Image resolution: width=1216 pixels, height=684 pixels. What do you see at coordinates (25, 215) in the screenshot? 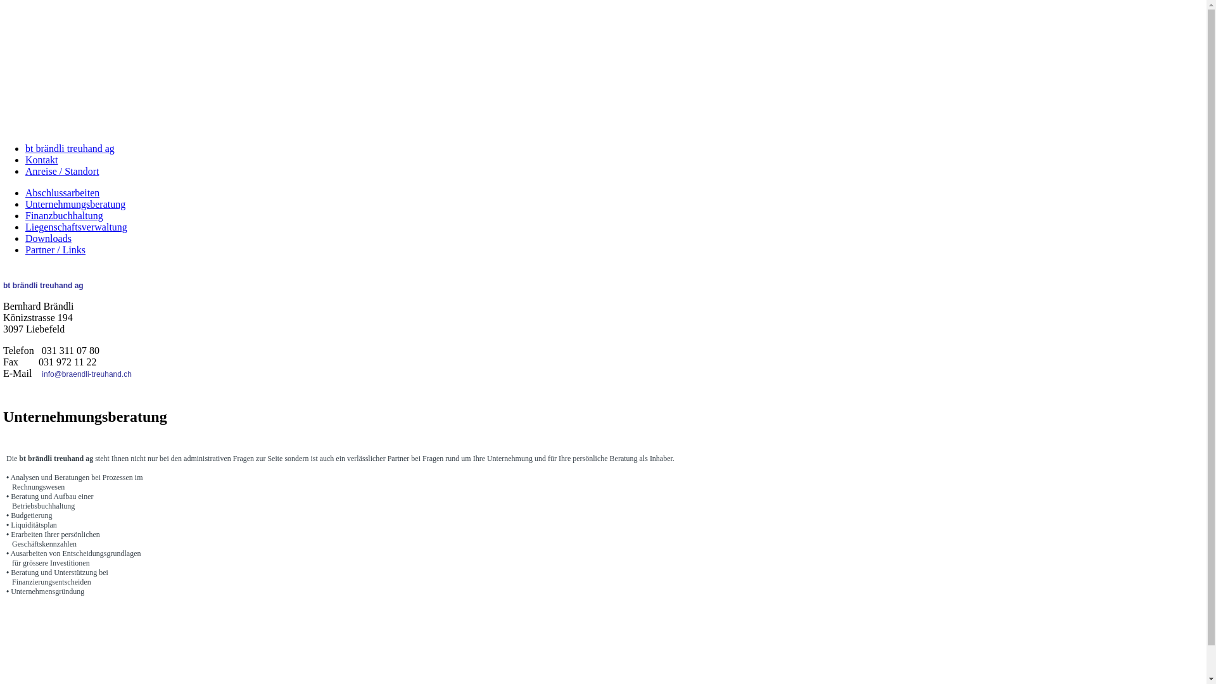
I see `'Finanzbuchhaltung'` at bounding box center [25, 215].